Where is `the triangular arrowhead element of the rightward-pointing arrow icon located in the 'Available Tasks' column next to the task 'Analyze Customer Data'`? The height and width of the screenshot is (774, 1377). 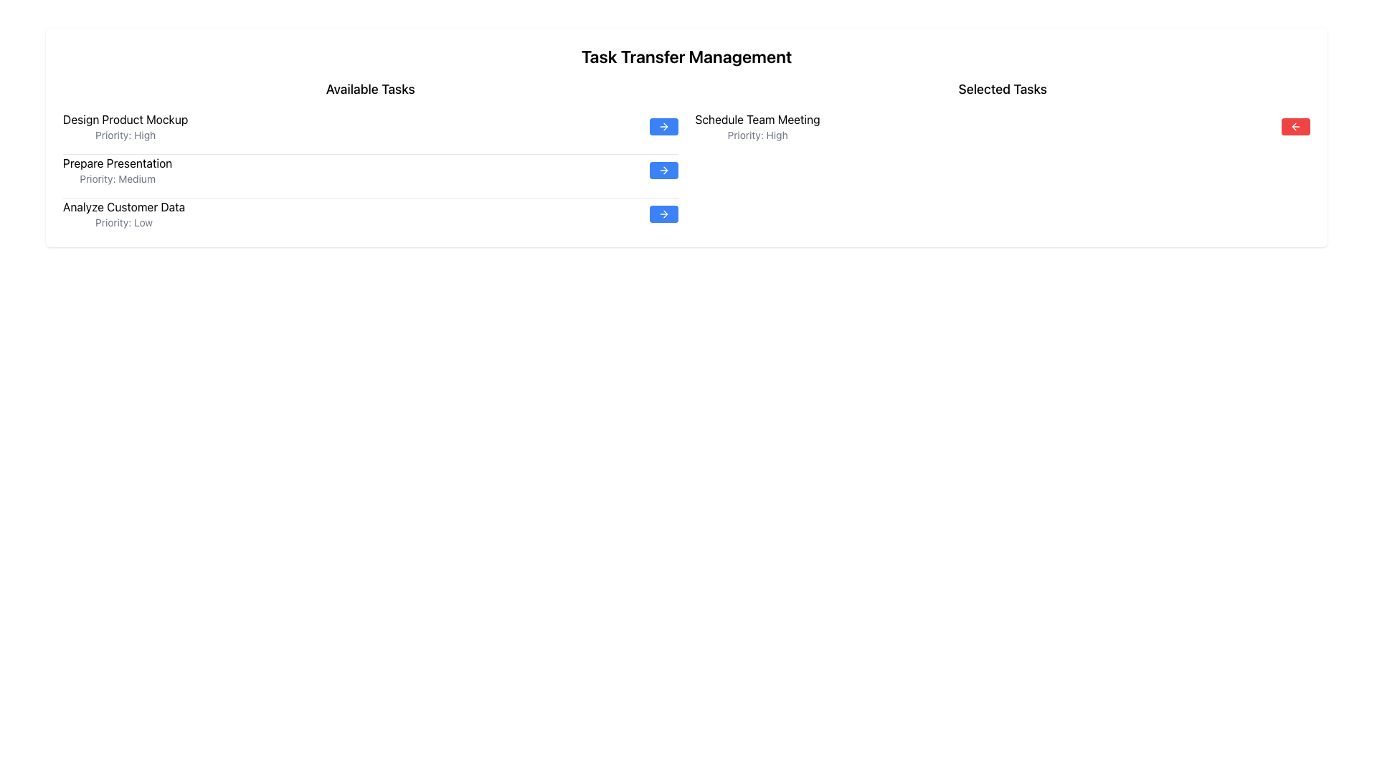
the triangular arrowhead element of the rightward-pointing arrow icon located in the 'Available Tasks' column next to the task 'Analyze Customer Data' is located at coordinates (664, 214).